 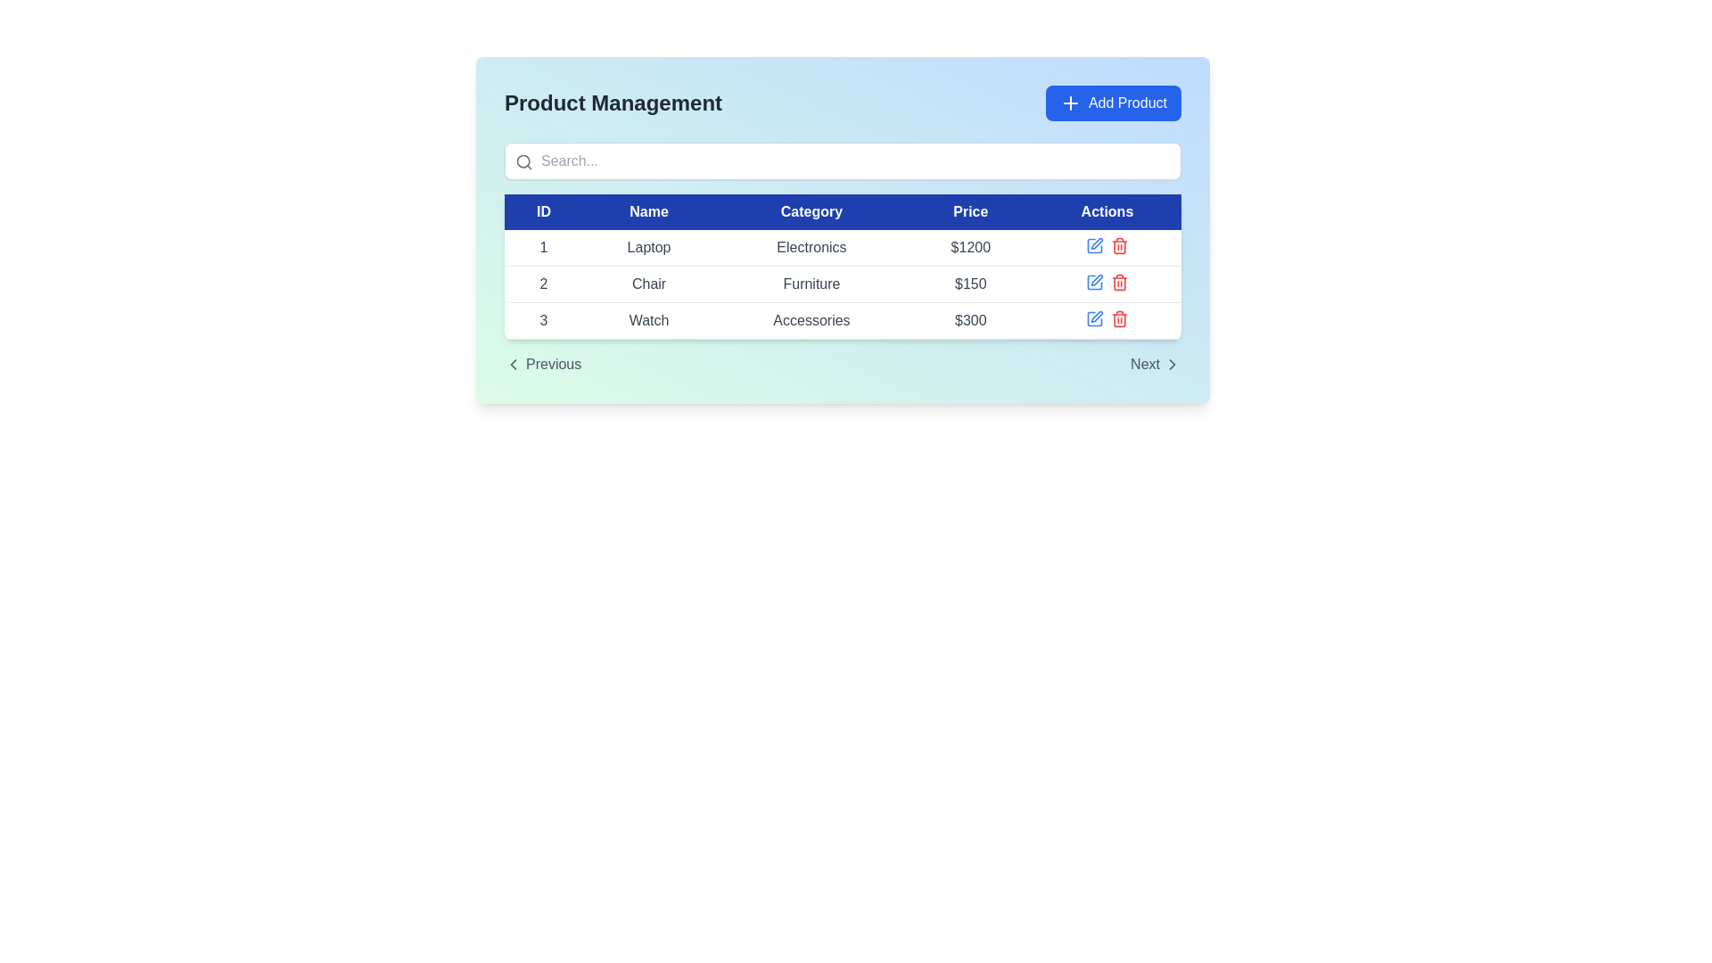 What do you see at coordinates (648, 319) in the screenshot?
I see `the text 'Watch' from the Text label located in the third row of the product list table under the 'Name' column` at bounding box center [648, 319].